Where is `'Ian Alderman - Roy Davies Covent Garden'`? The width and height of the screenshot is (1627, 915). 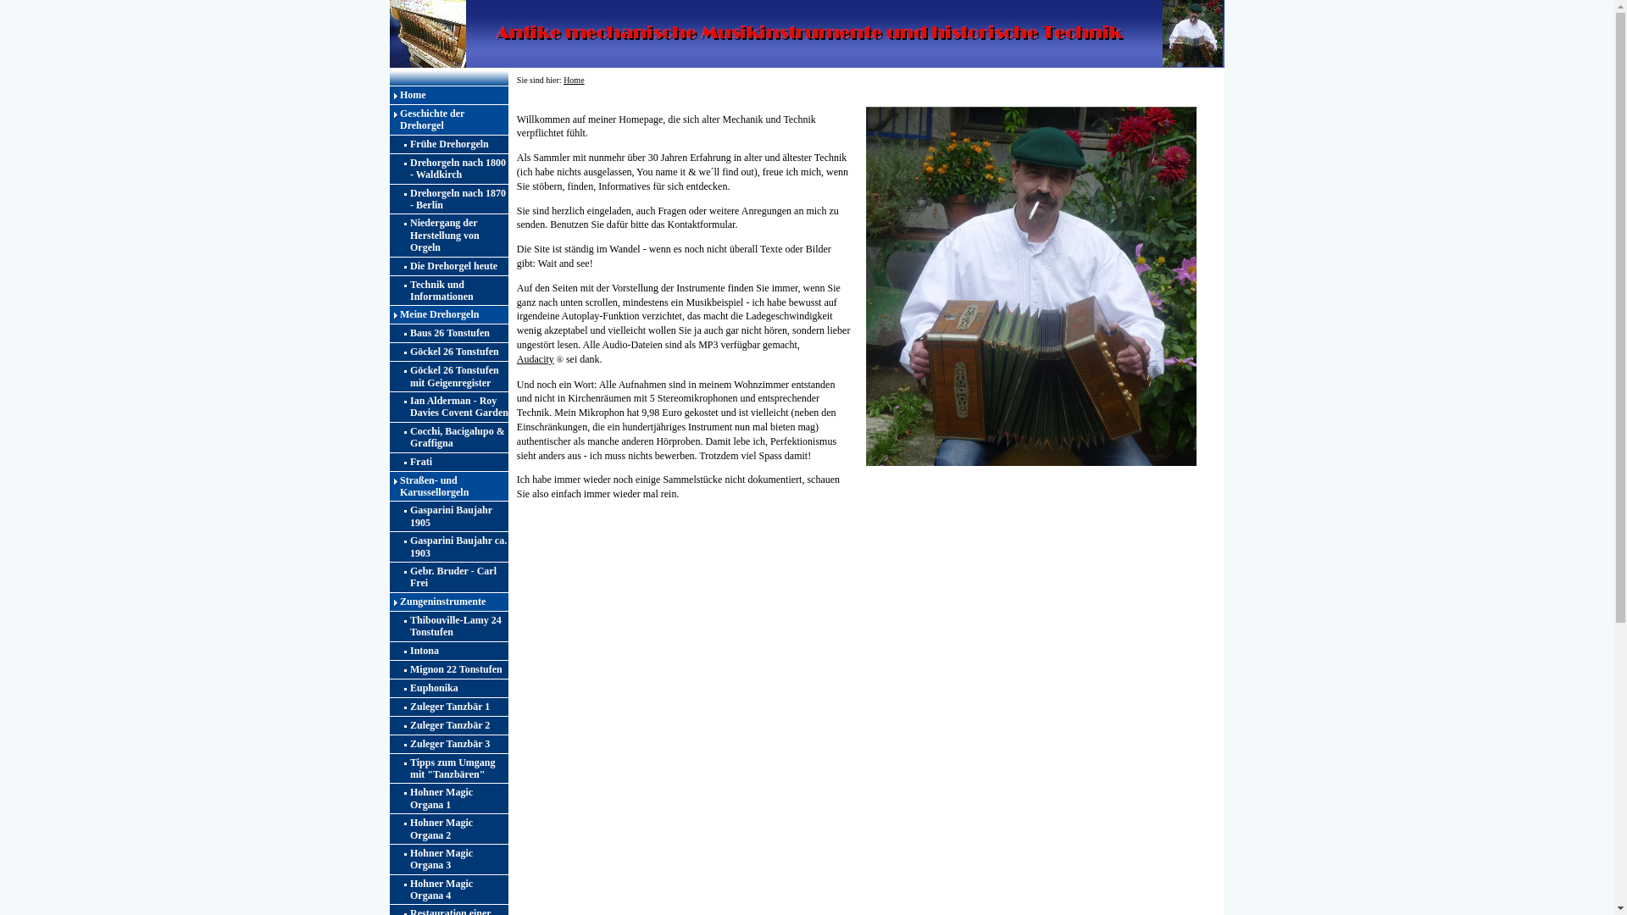
'Ian Alderman - Roy Davies Covent Garden' is located at coordinates (389, 407).